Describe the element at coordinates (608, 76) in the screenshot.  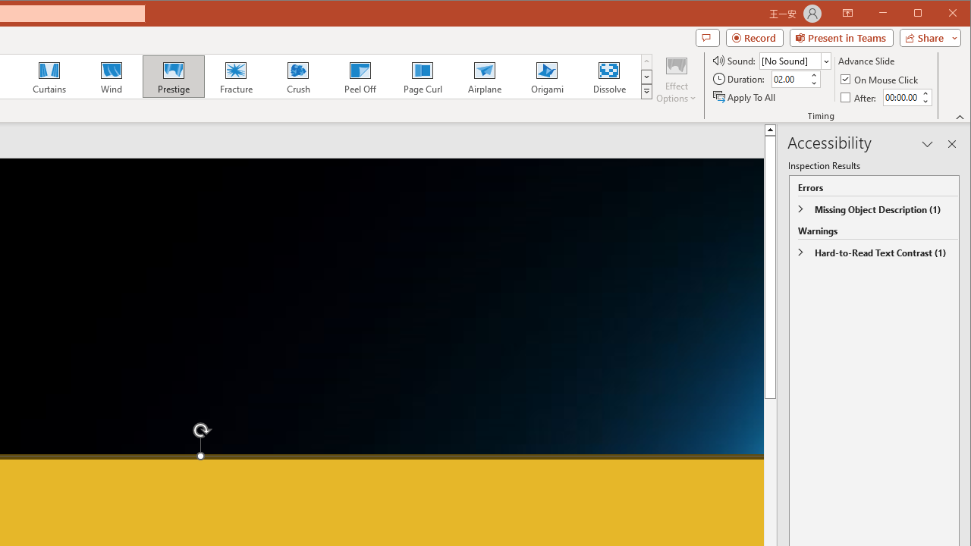
I see `'Dissolve'` at that location.